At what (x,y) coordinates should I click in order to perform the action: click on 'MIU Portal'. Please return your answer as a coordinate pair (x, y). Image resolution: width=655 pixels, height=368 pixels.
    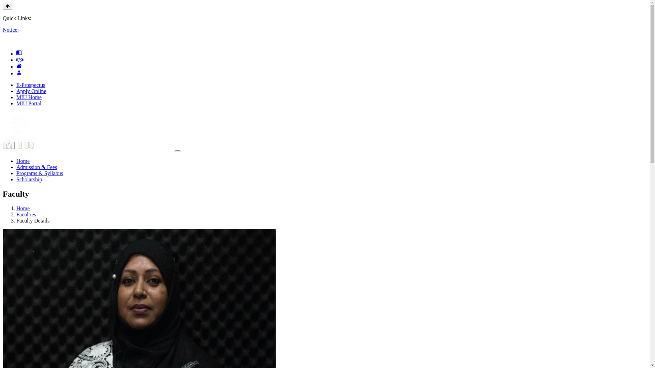
    Looking at the image, I should click on (28, 103).